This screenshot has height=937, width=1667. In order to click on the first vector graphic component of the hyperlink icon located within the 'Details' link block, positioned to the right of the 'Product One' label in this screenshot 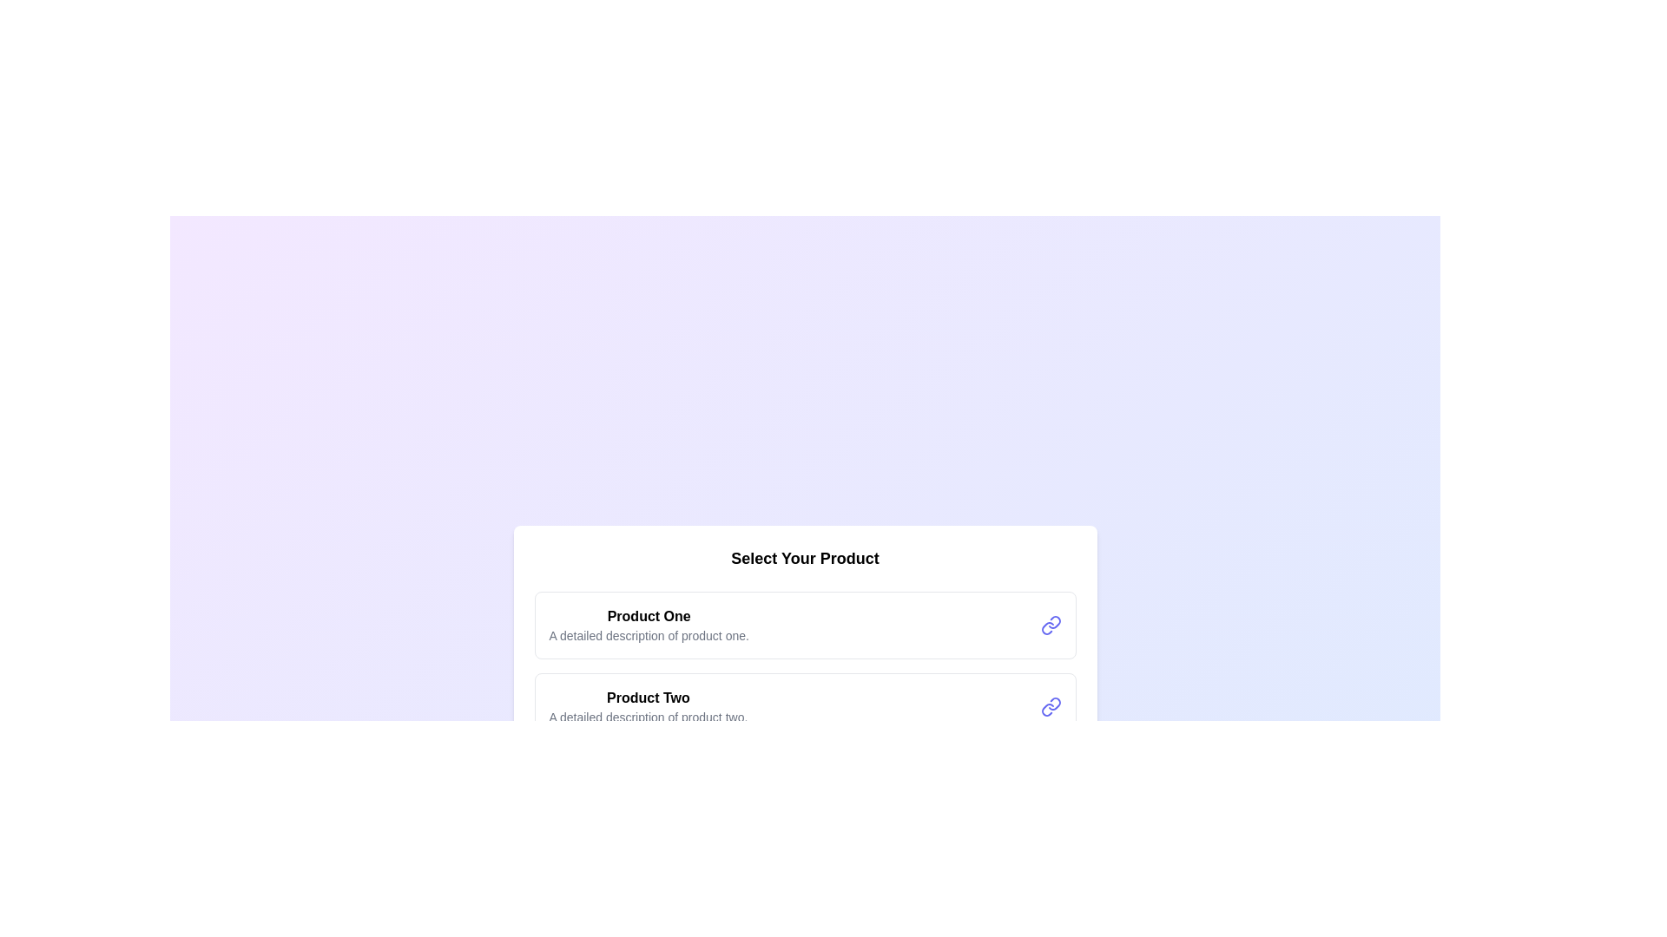, I will do `click(1053, 621)`.